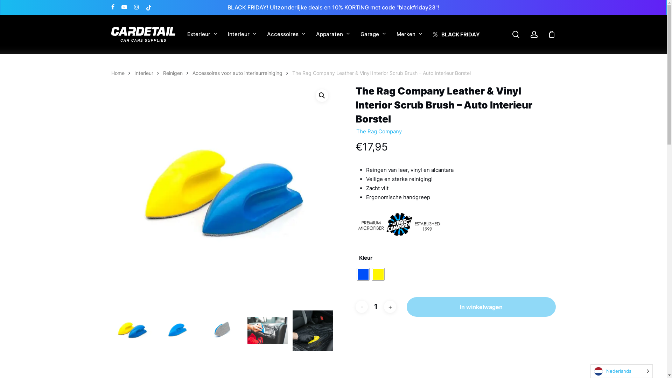 The width and height of the screenshot is (672, 378). What do you see at coordinates (192, 73) in the screenshot?
I see `'Accessoires voor auto interieurreiniging'` at bounding box center [192, 73].